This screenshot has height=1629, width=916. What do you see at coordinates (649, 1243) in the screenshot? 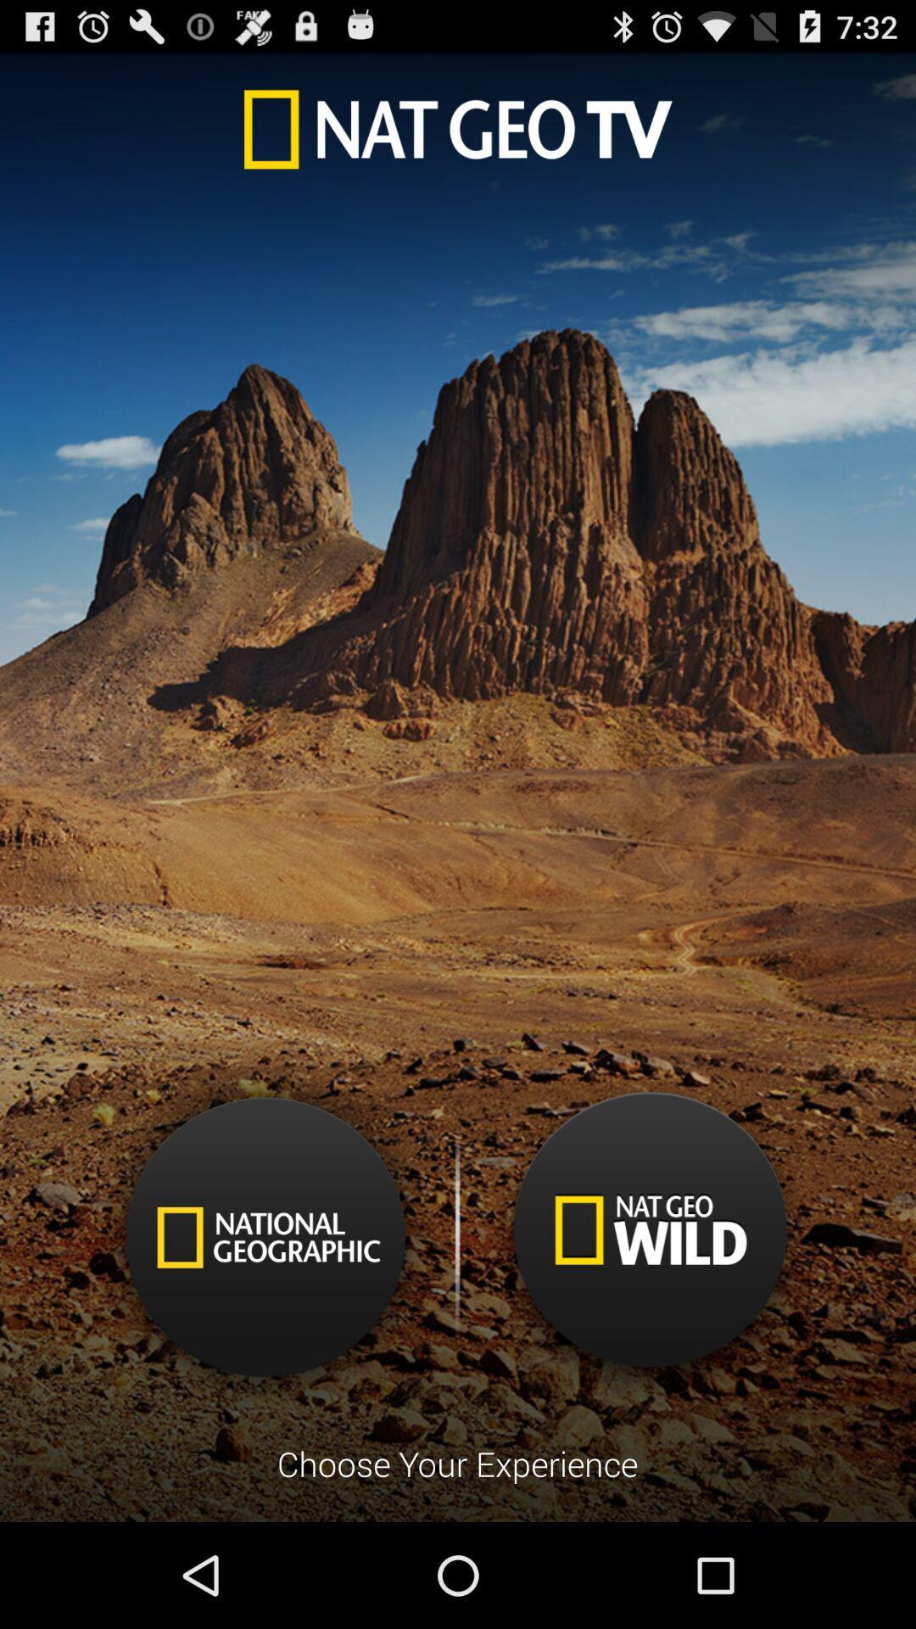
I see `nat geo wild` at bounding box center [649, 1243].